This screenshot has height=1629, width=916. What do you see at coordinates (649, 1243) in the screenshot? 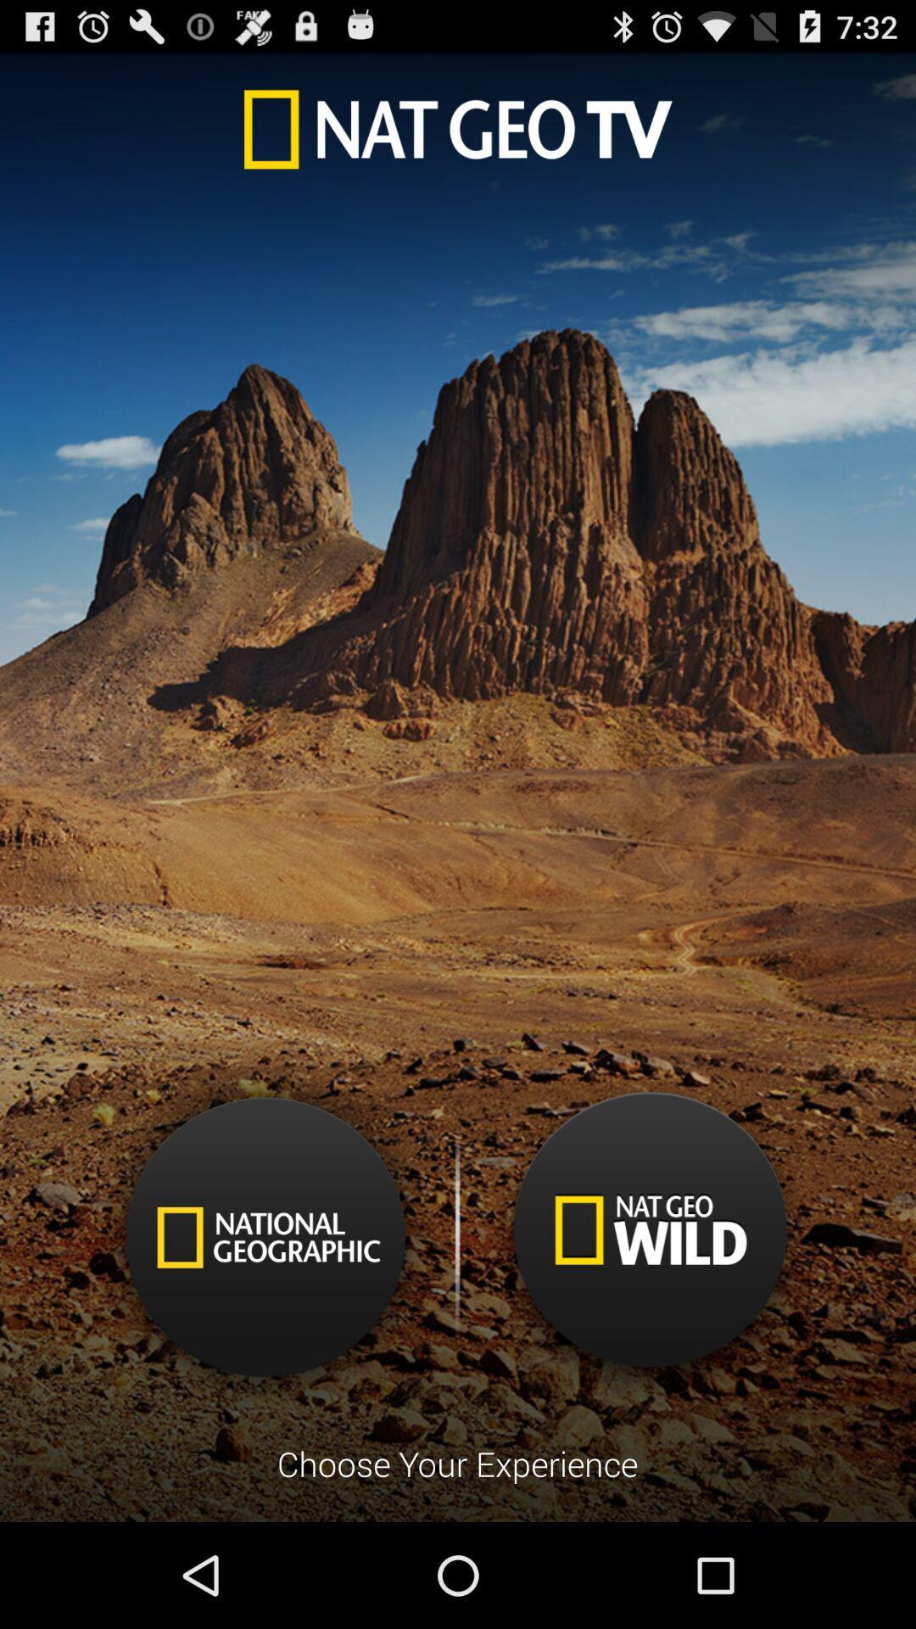
I see `nat geo wild` at bounding box center [649, 1243].